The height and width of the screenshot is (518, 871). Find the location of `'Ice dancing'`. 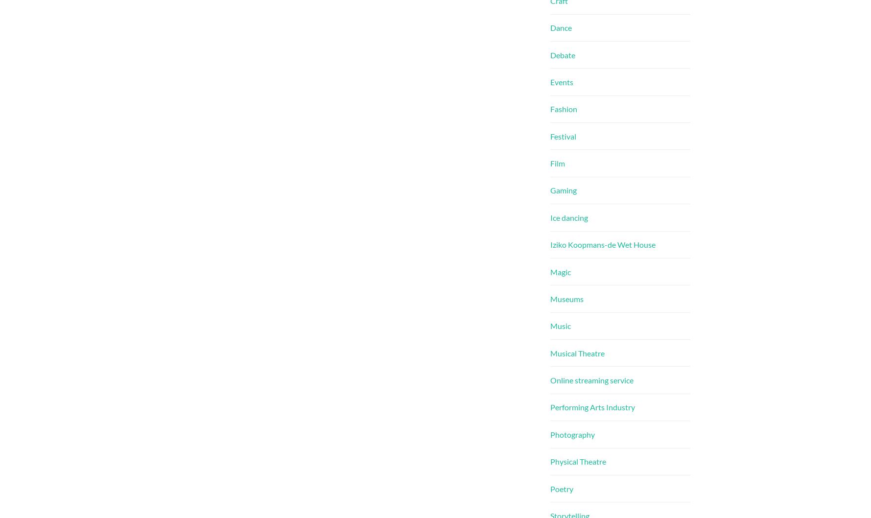

'Ice dancing' is located at coordinates (568, 216).